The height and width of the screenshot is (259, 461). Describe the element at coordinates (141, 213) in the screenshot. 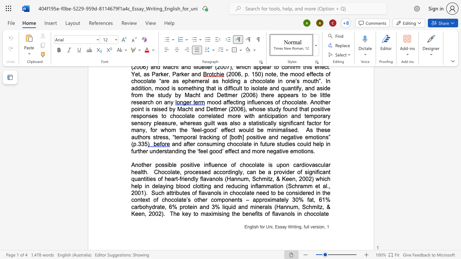

I see `the space between the continuous character "e" and "n" in the text` at that location.